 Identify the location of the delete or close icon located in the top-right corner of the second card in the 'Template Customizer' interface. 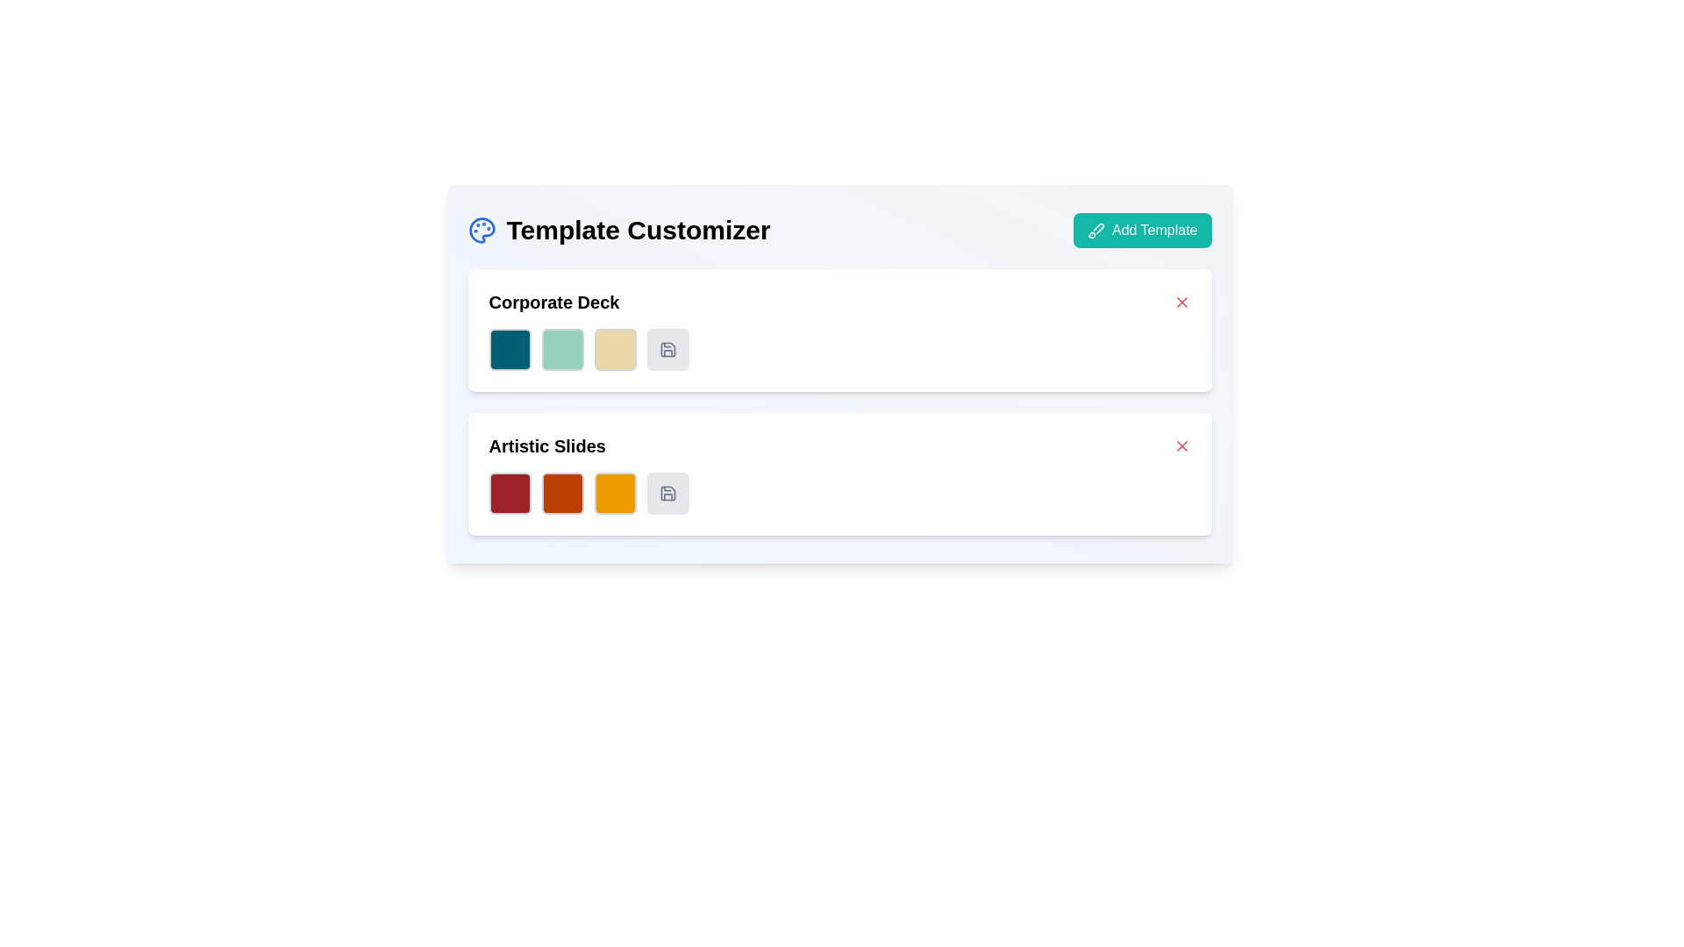
(1181, 445).